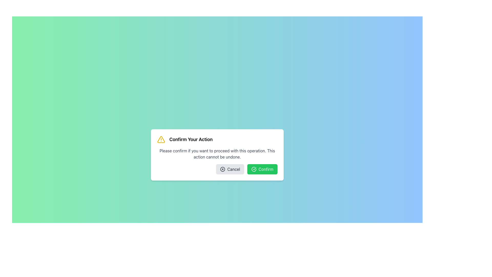 Image resolution: width=492 pixels, height=277 pixels. What do you see at coordinates (223, 169) in the screenshot?
I see `the circular icon with a cross in its center, located to the left of the 'Cancel' button in the modal window` at bounding box center [223, 169].